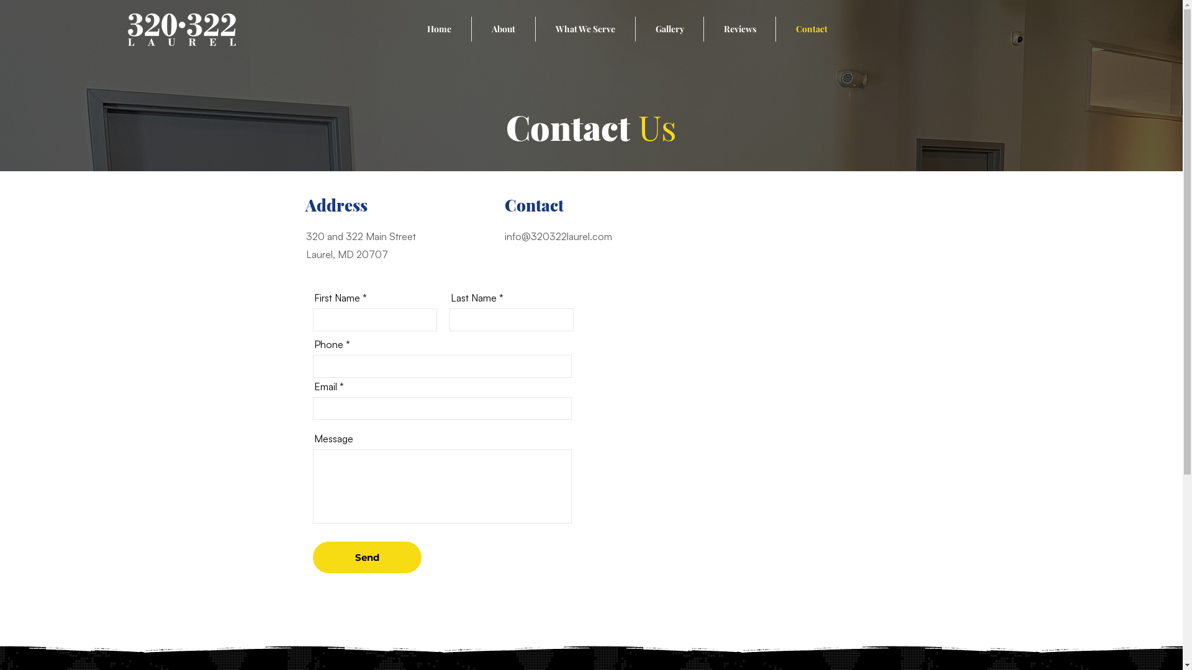 Image resolution: width=1192 pixels, height=670 pixels. Describe the element at coordinates (669, 28) in the screenshot. I see `'Gallery'` at that location.